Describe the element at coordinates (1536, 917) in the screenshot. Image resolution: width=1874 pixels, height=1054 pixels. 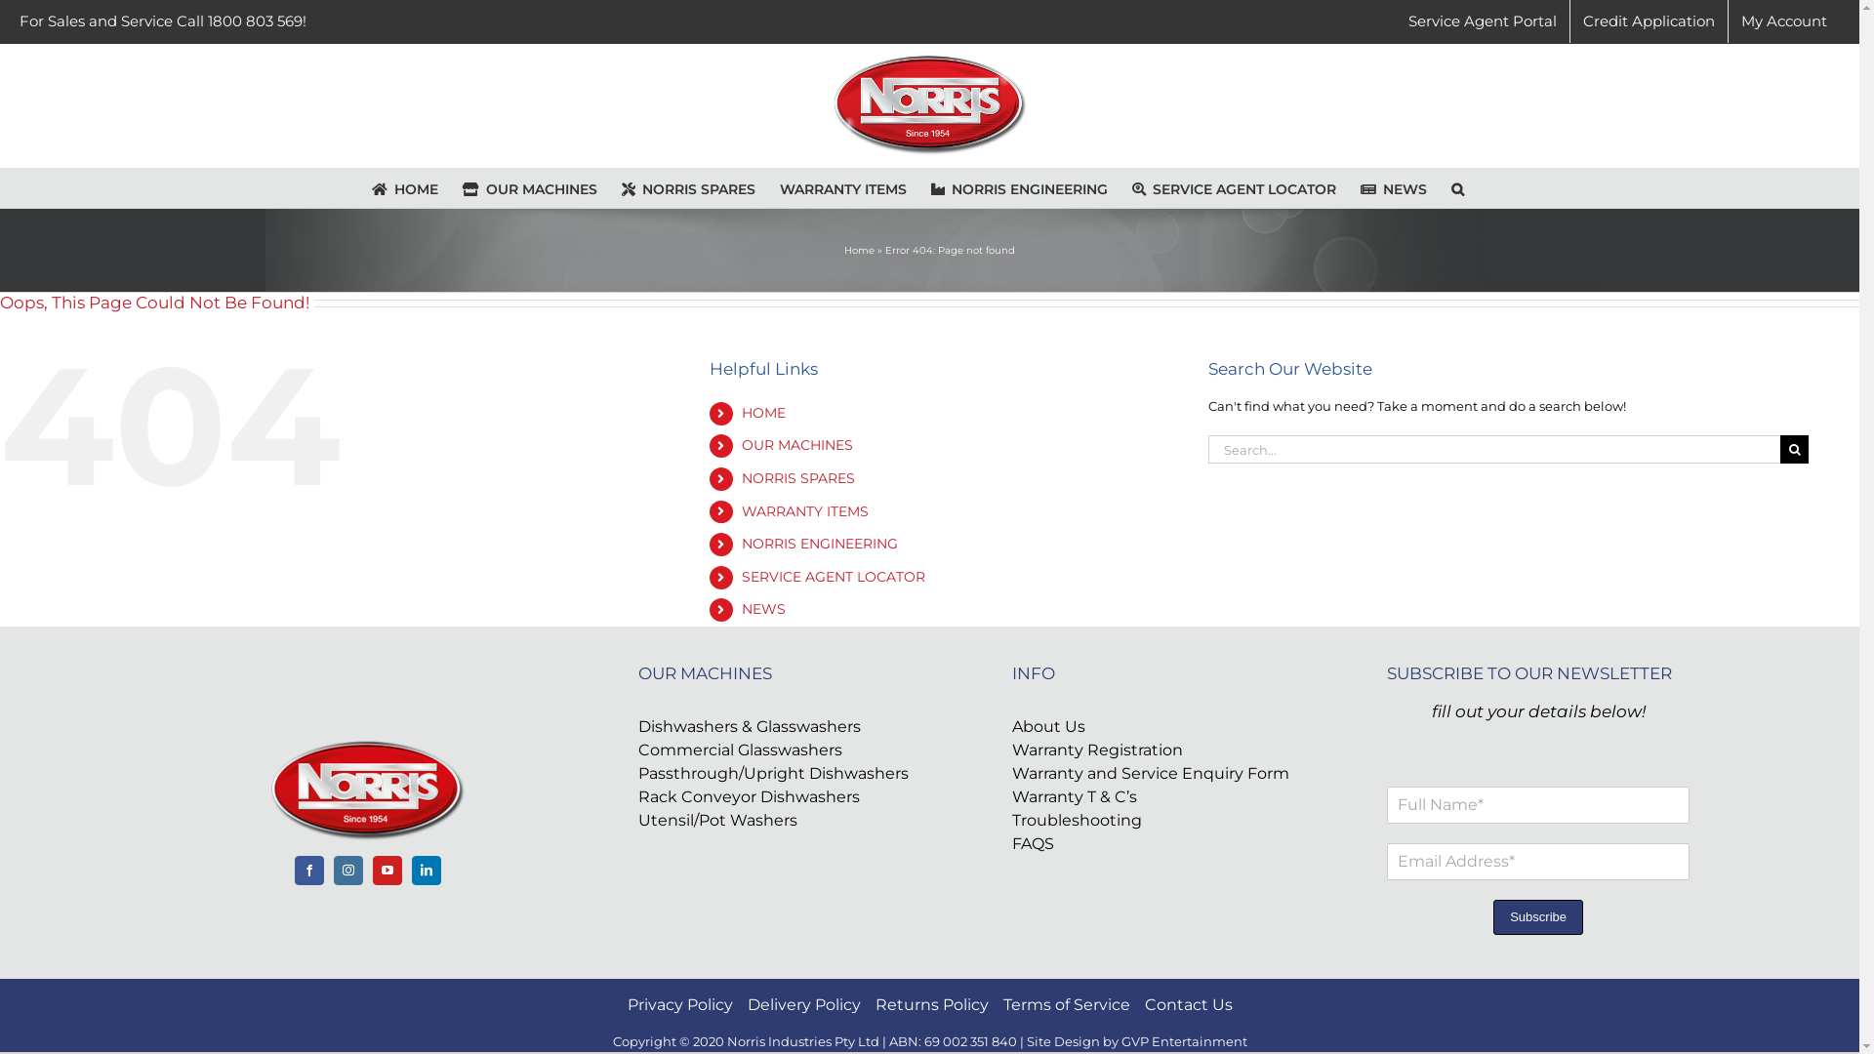
I see `'Subscribe'` at that location.